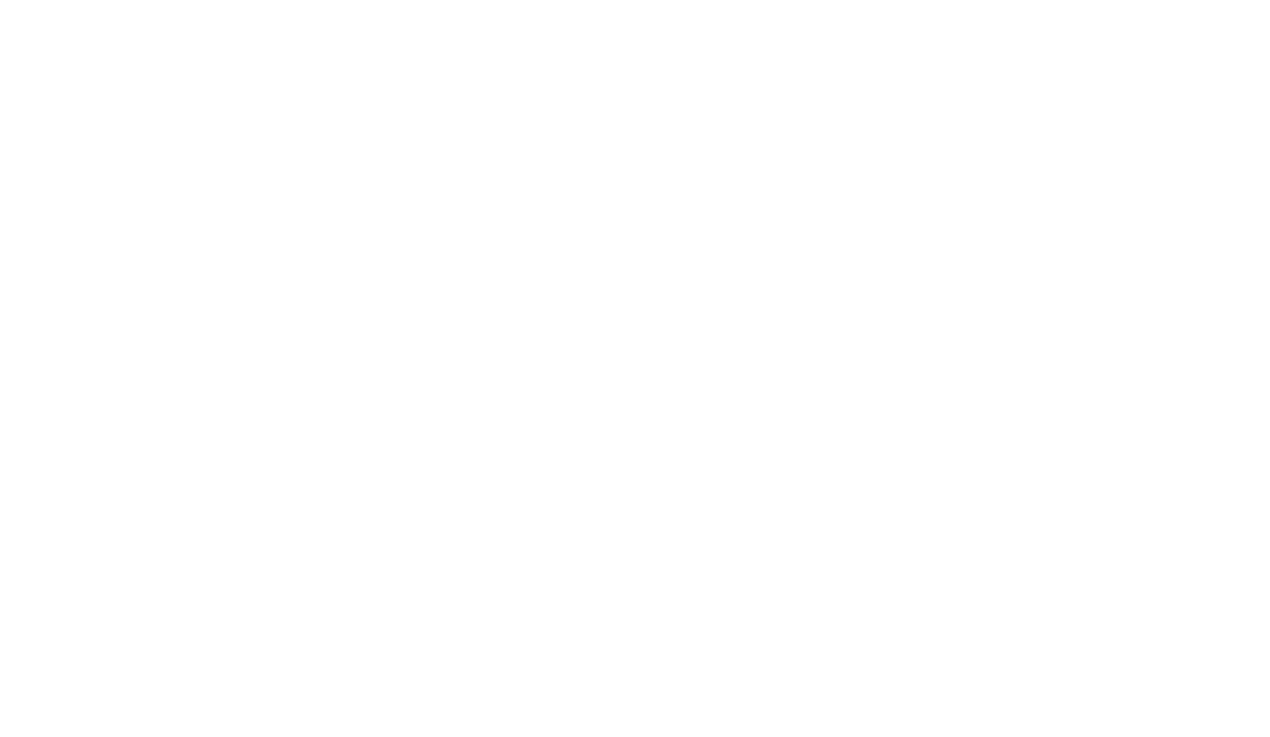 This screenshot has height=737, width=1270. I want to click on 'Algarve', so click(940, 463).